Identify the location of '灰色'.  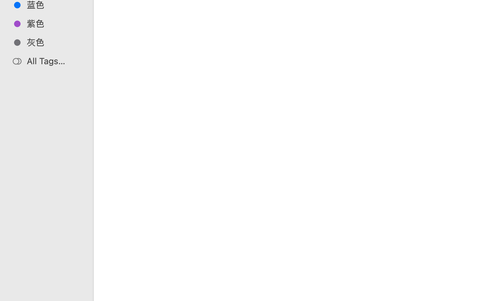
(53, 42).